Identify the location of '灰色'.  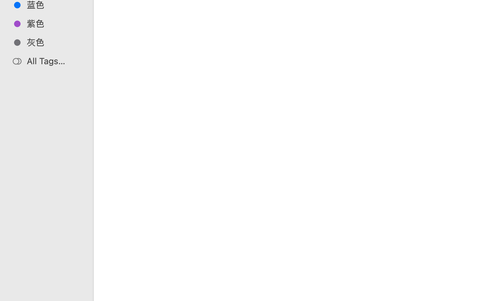
(53, 42).